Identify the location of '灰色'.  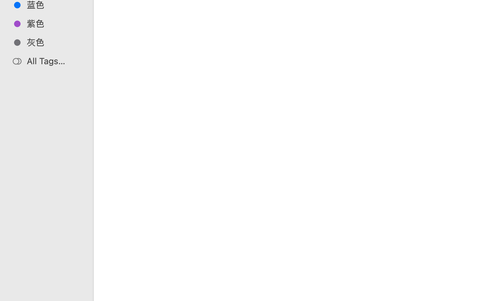
(53, 42).